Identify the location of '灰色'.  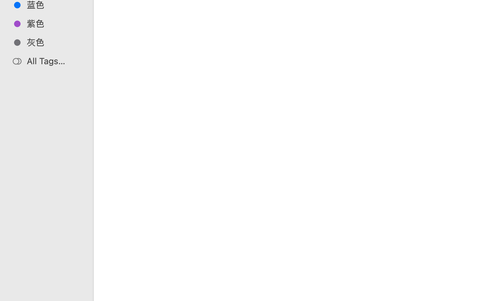
(53, 42).